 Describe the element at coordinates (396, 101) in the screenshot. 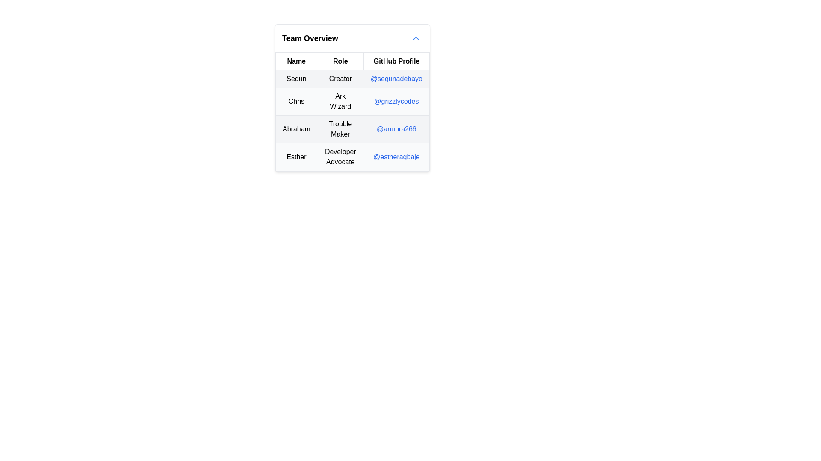

I see `the hyperlink '@grizzlycodes' in the 'GitHub Profile' column of the table` at that location.